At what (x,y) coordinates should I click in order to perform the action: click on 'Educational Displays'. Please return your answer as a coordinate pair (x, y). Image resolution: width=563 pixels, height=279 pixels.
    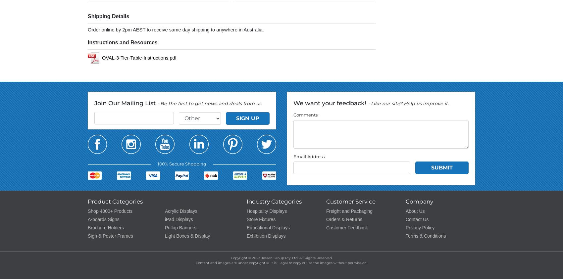
    Looking at the image, I should click on (268, 227).